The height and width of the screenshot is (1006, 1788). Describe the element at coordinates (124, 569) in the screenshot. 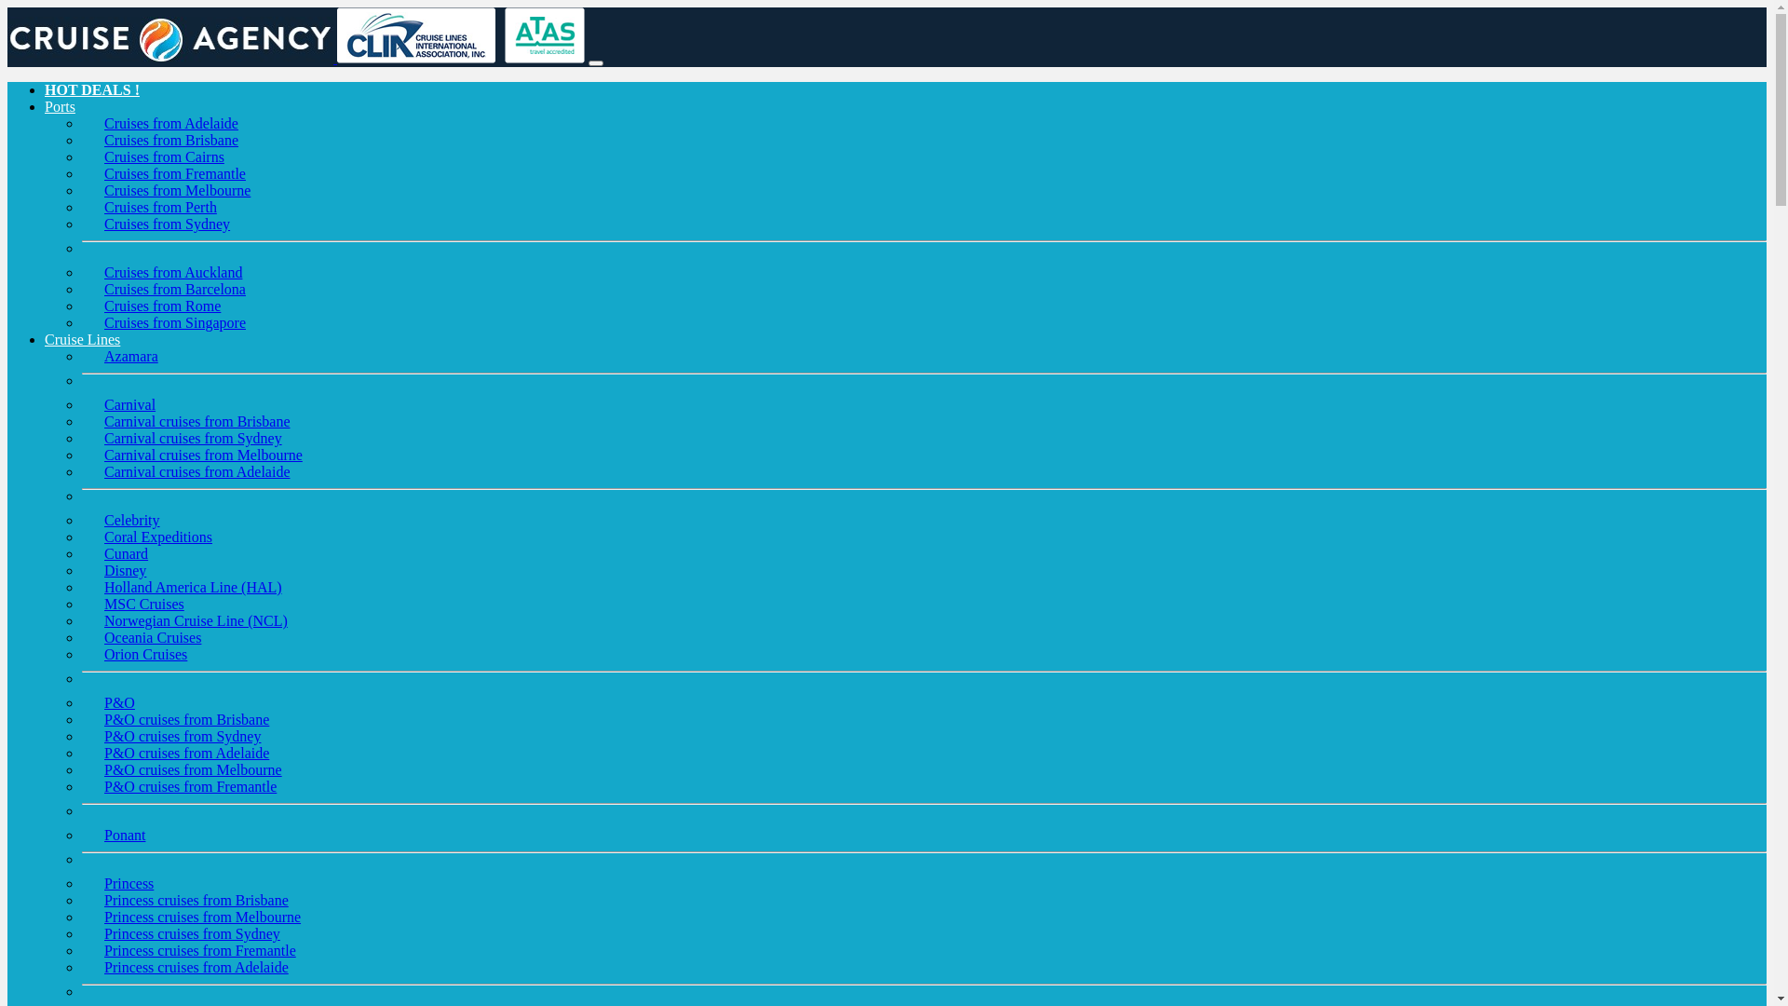

I see `'Disney'` at that location.